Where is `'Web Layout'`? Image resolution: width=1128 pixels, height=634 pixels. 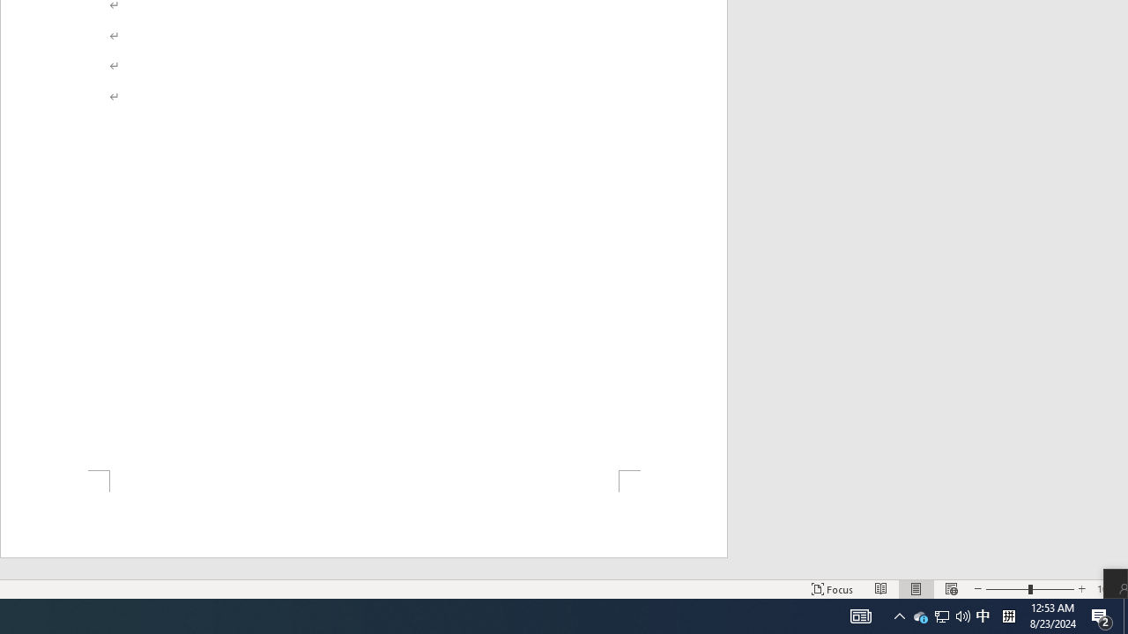 'Web Layout' is located at coordinates (950, 589).